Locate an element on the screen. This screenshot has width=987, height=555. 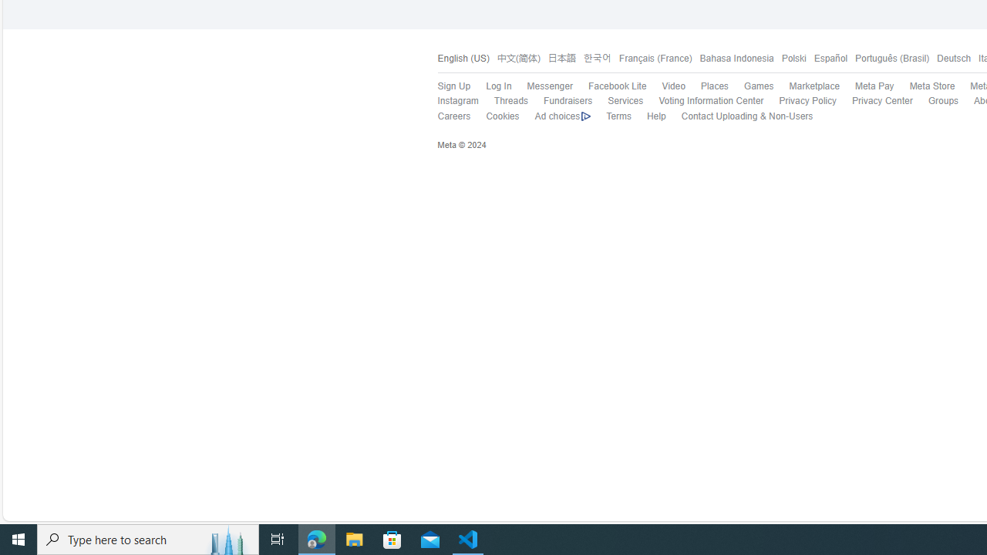
'Messenger' is located at coordinates (541, 87).